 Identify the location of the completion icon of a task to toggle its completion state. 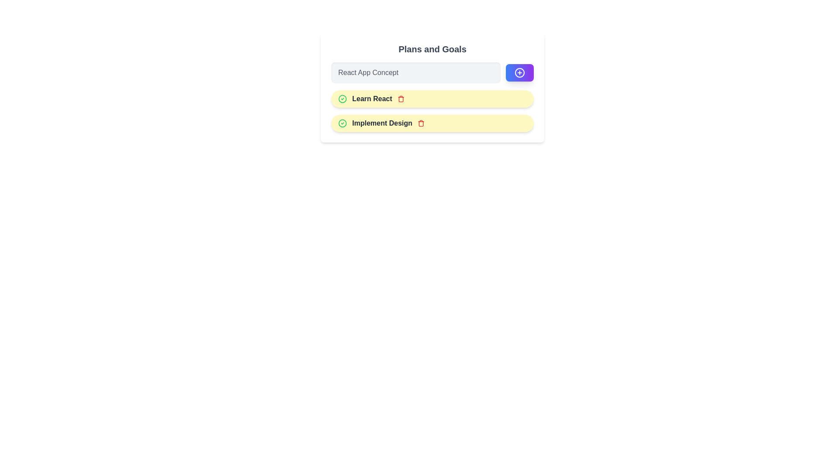
(342, 99).